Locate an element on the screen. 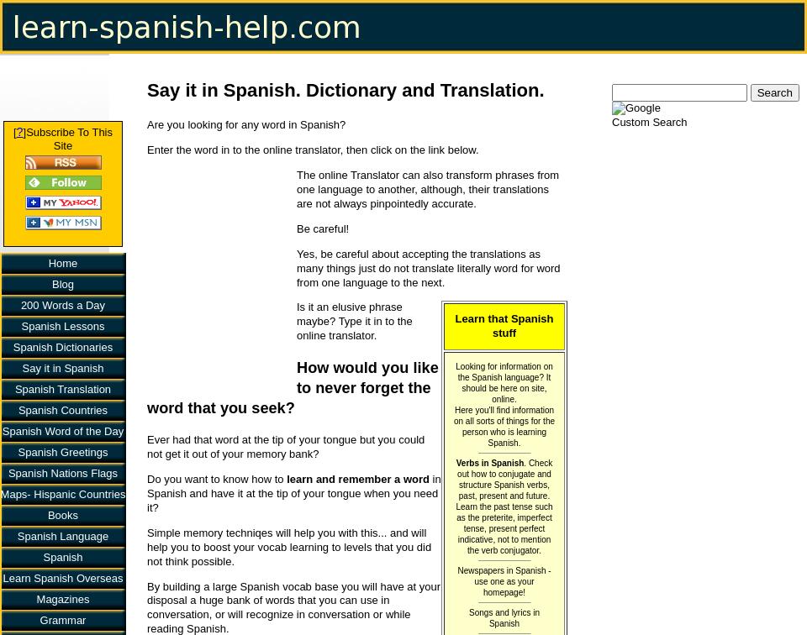 The width and height of the screenshot is (807, 635). 'Songs and lyrics in Spanish' is located at coordinates (504, 617).